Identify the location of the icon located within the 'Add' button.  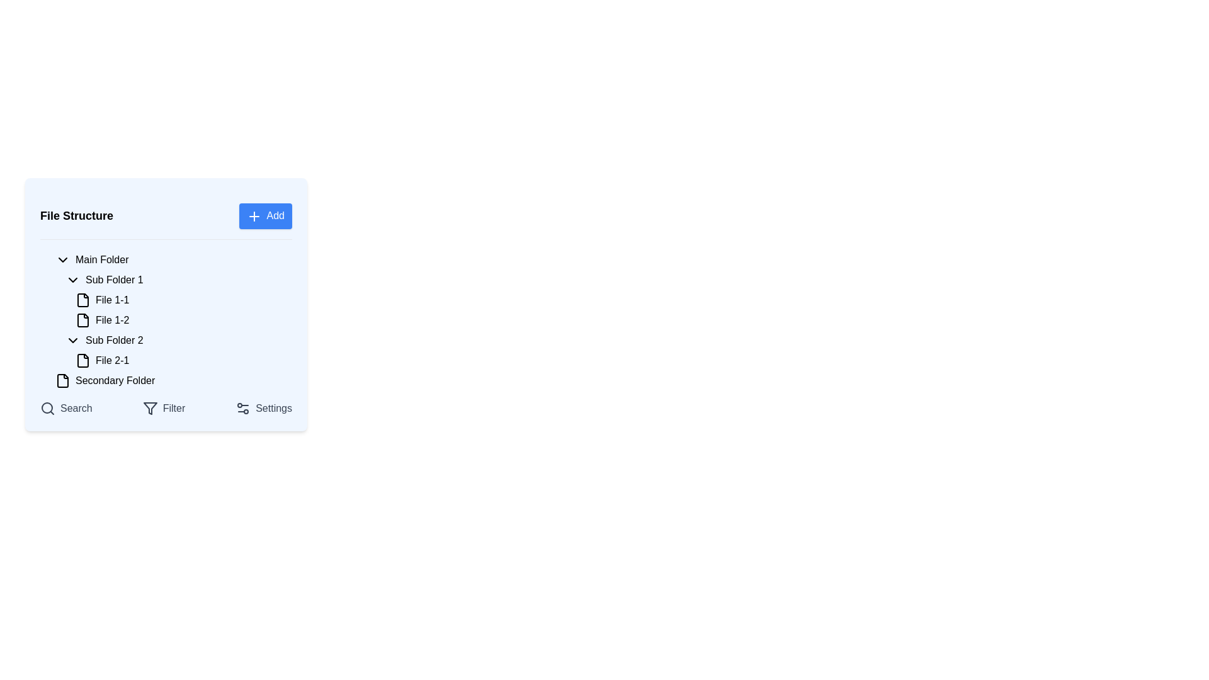
(253, 215).